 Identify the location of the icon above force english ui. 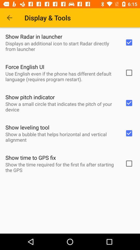
(62, 46).